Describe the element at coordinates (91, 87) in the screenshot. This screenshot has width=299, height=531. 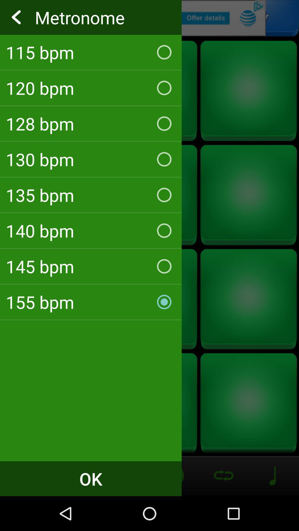
I see `icon above 128 bpm checkbox` at that location.